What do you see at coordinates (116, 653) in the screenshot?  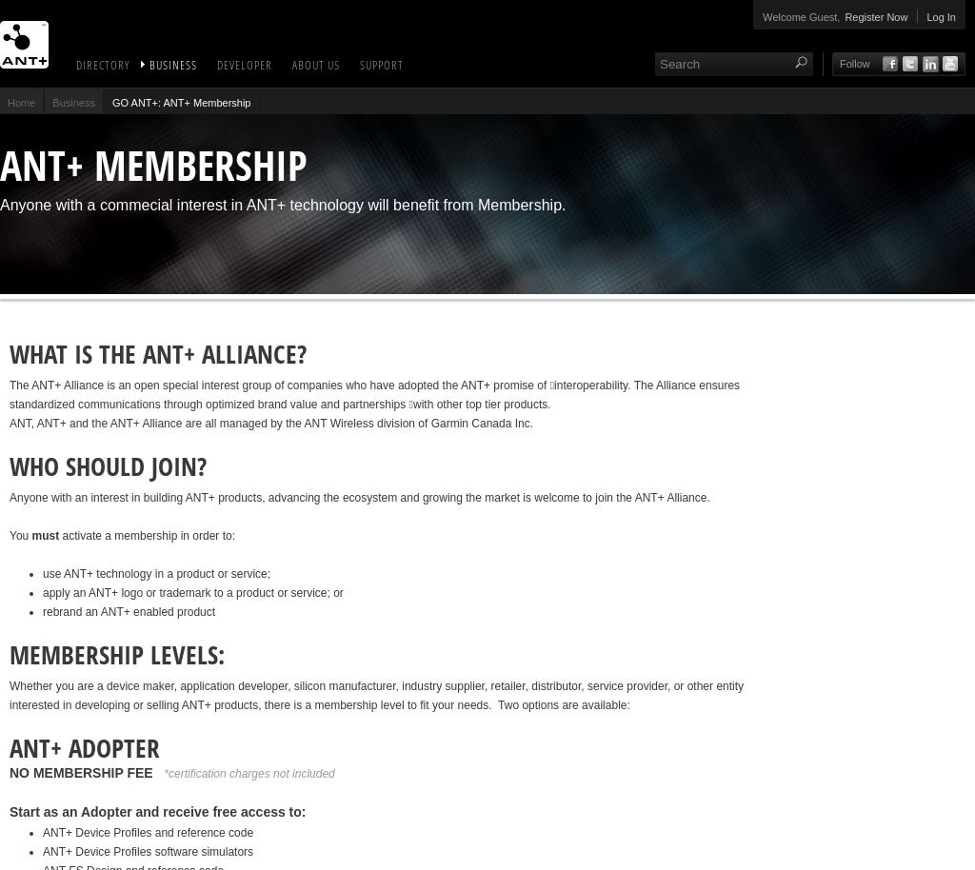 I see `'MEMBERSHIP LEVELS:'` at bounding box center [116, 653].